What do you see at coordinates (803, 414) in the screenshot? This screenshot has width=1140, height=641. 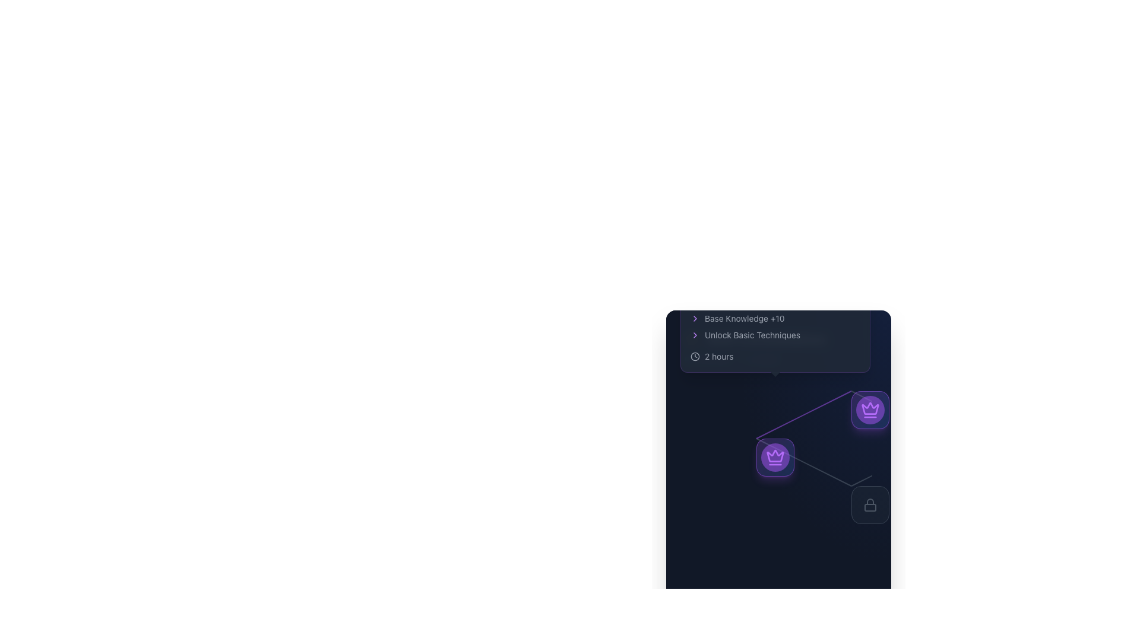 I see `the Connector line that indicates a relationship between two circular icons with crown motifs, positioned below a dark panel displaying textual information` at bounding box center [803, 414].